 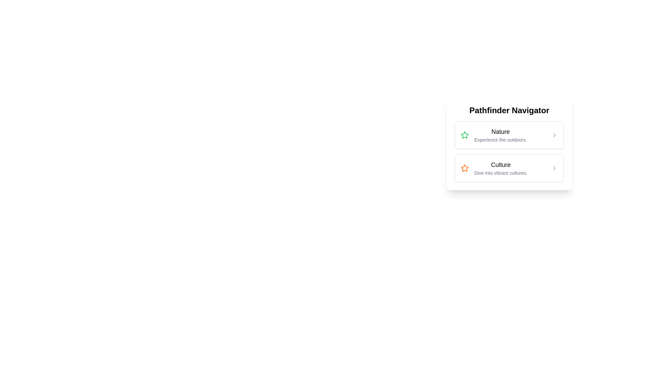 What do you see at coordinates (500, 139) in the screenshot?
I see `the text label reading 'Experience the outdoors.' located below the heading 'Nature' within a card-like structure` at bounding box center [500, 139].